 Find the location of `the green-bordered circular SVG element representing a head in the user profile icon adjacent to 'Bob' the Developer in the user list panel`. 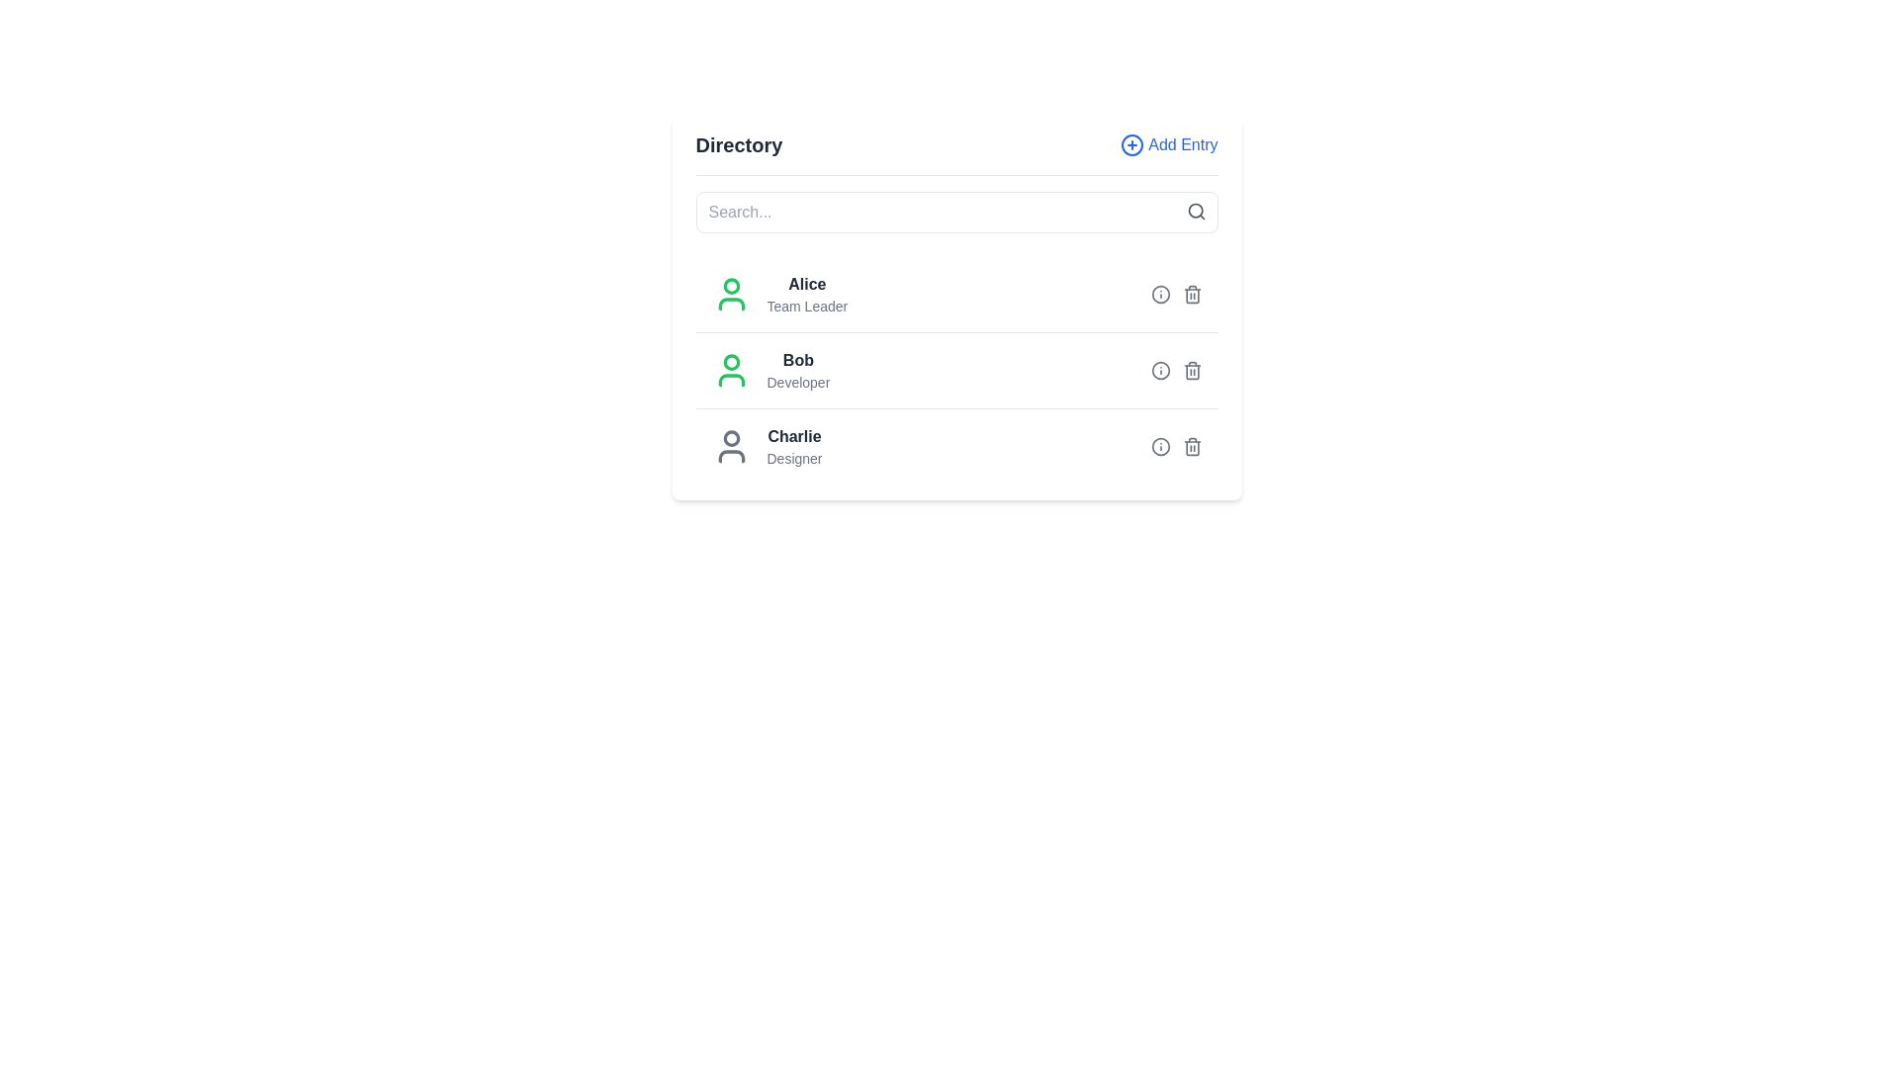

the green-bordered circular SVG element representing a head in the user profile icon adjacent to 'Bob' the Developer in the user list panel is located at coordinates (730, 362).